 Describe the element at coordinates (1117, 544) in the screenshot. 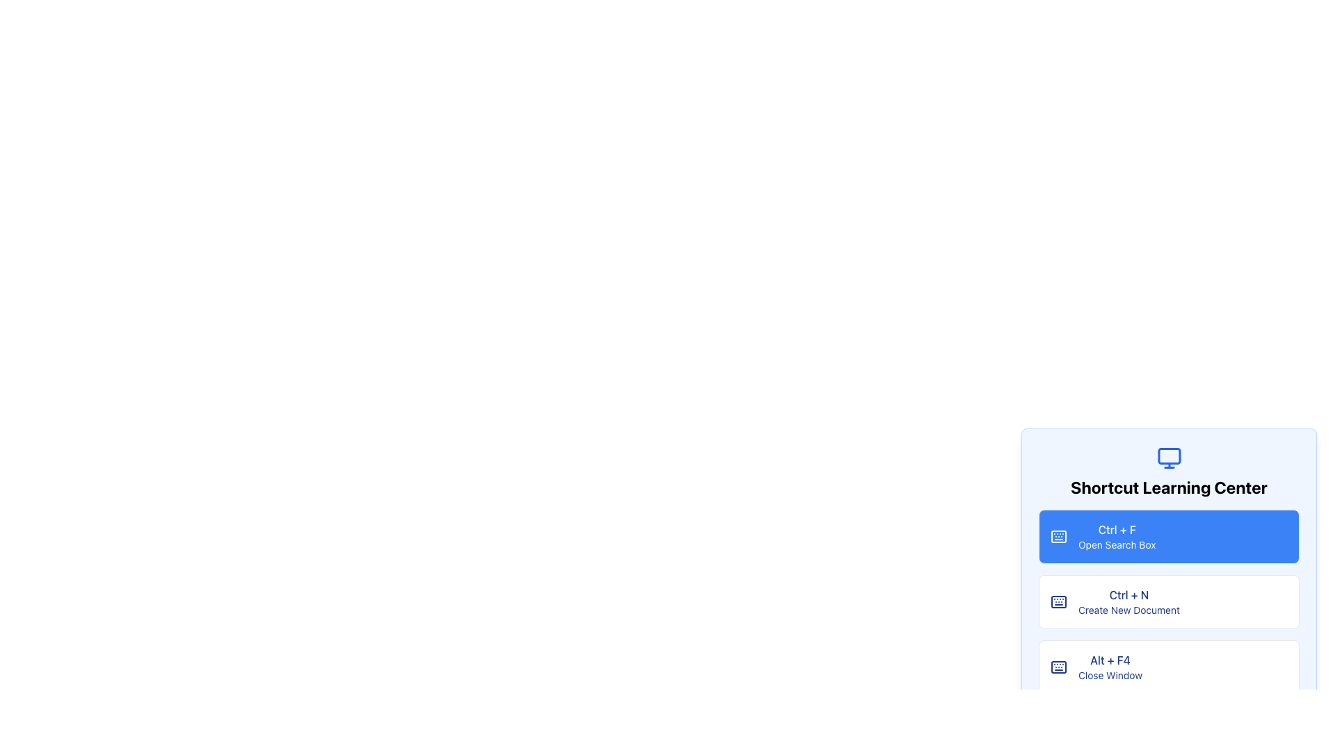

I see `the 'Open Search Box' text label, which is styled within a blue background section and positioned below the 'Ctrl + F' shortcut in the 'Shortcut Learning Center'` at that location.